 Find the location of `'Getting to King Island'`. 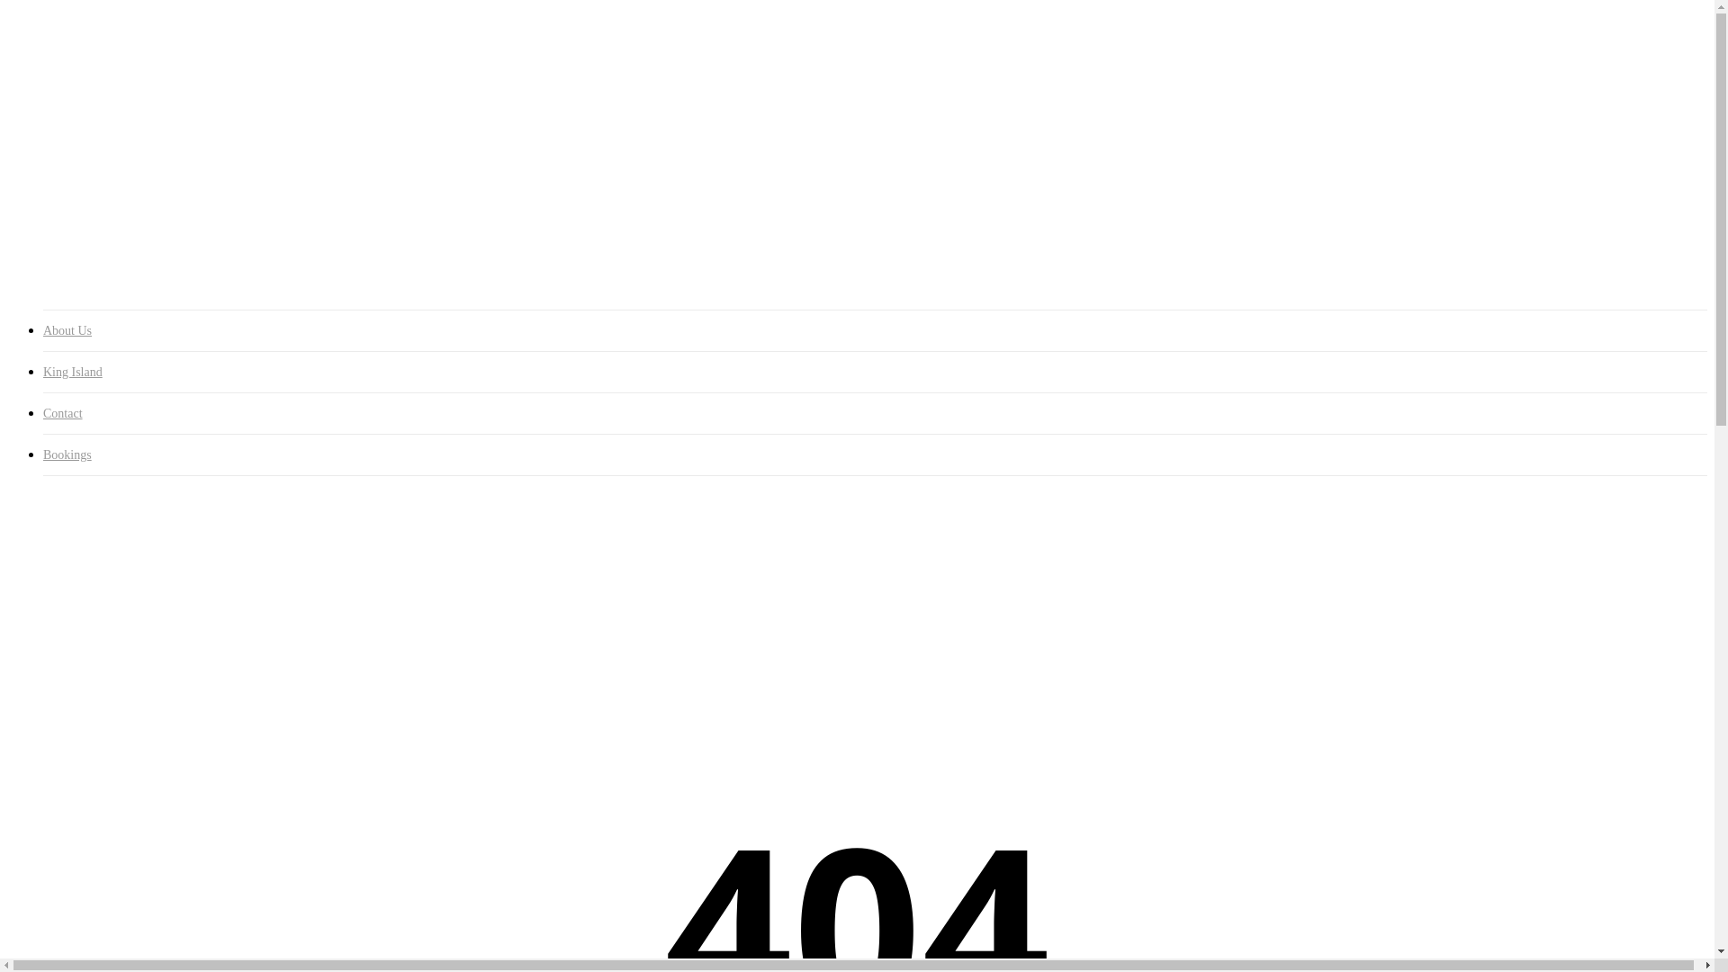

'Getting to King Island' is located at coordinates (142, 207).